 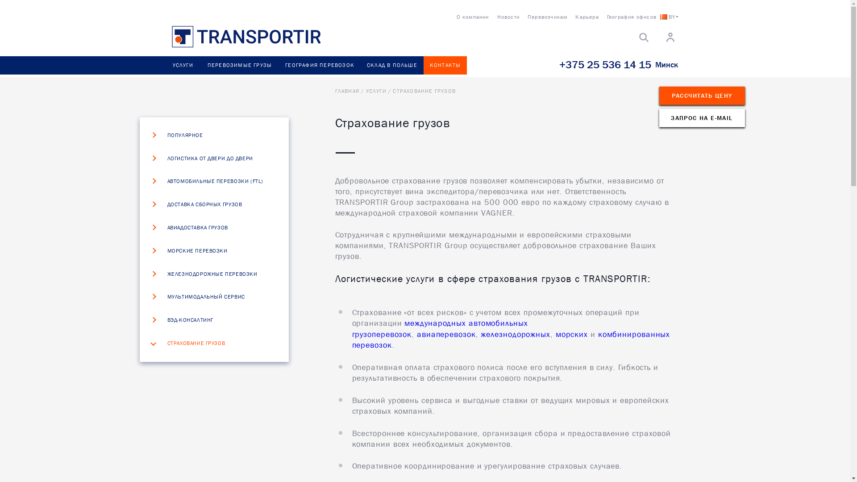 What do you see at coordinates (604, 64) in the screenshot?
I see `'+375 25 536 14 15'` at bounding box center [604, 64].